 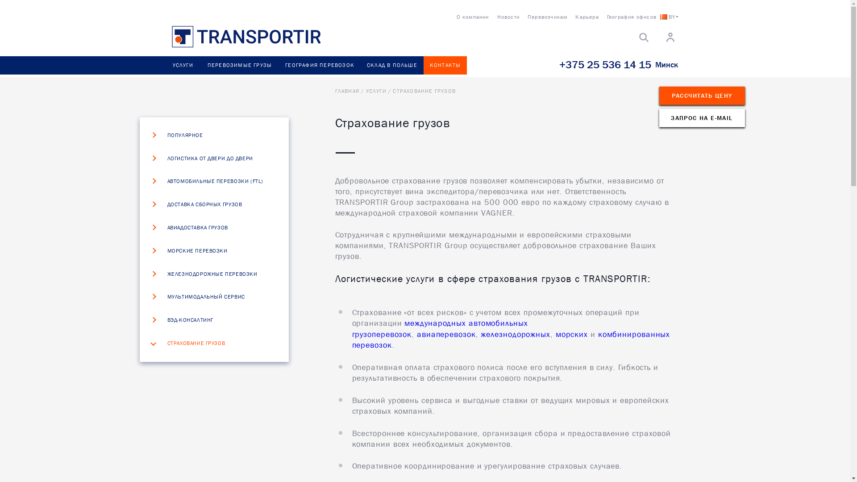 What do you see at coordinates (604, 64) in the screenshot?
I see `'+375 25 536 14 15'` at bounding box center [604, 64].